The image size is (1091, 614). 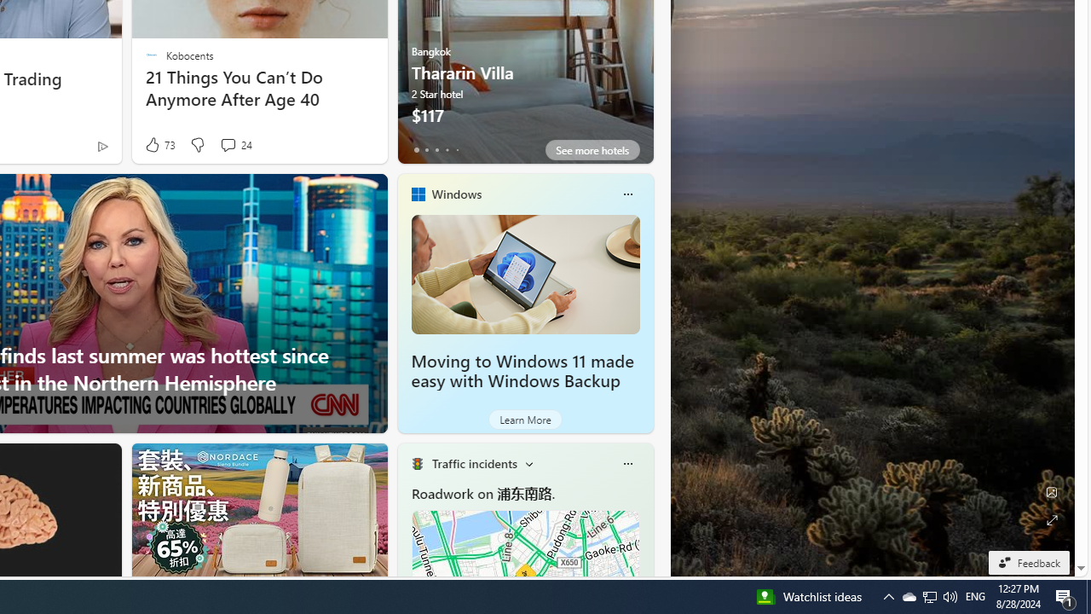 I want to click on 'Moving to Windows 11 made easy with Windows Backup', so click(x=524, y=273).